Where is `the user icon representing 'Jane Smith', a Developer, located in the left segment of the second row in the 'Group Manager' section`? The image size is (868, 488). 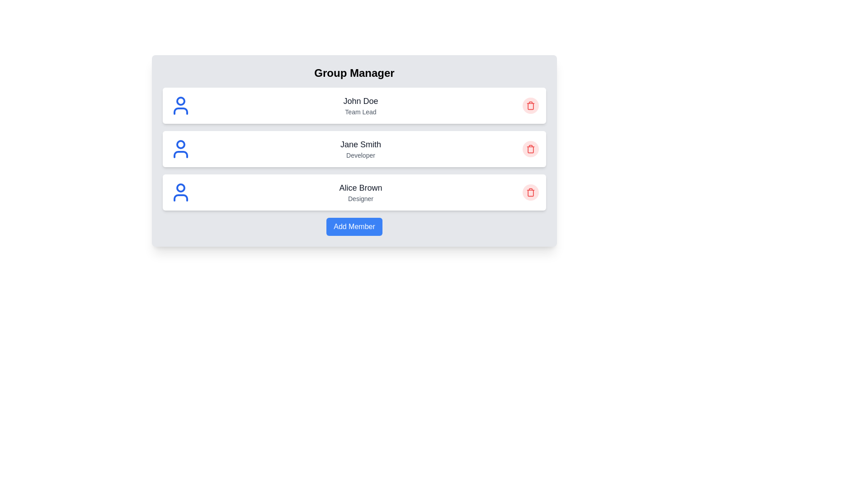
the user icon representing 'Jane Smith', a Developer, located in the left segment of the second row in the 'Group Manager' section is located at coordinates (180, 149).